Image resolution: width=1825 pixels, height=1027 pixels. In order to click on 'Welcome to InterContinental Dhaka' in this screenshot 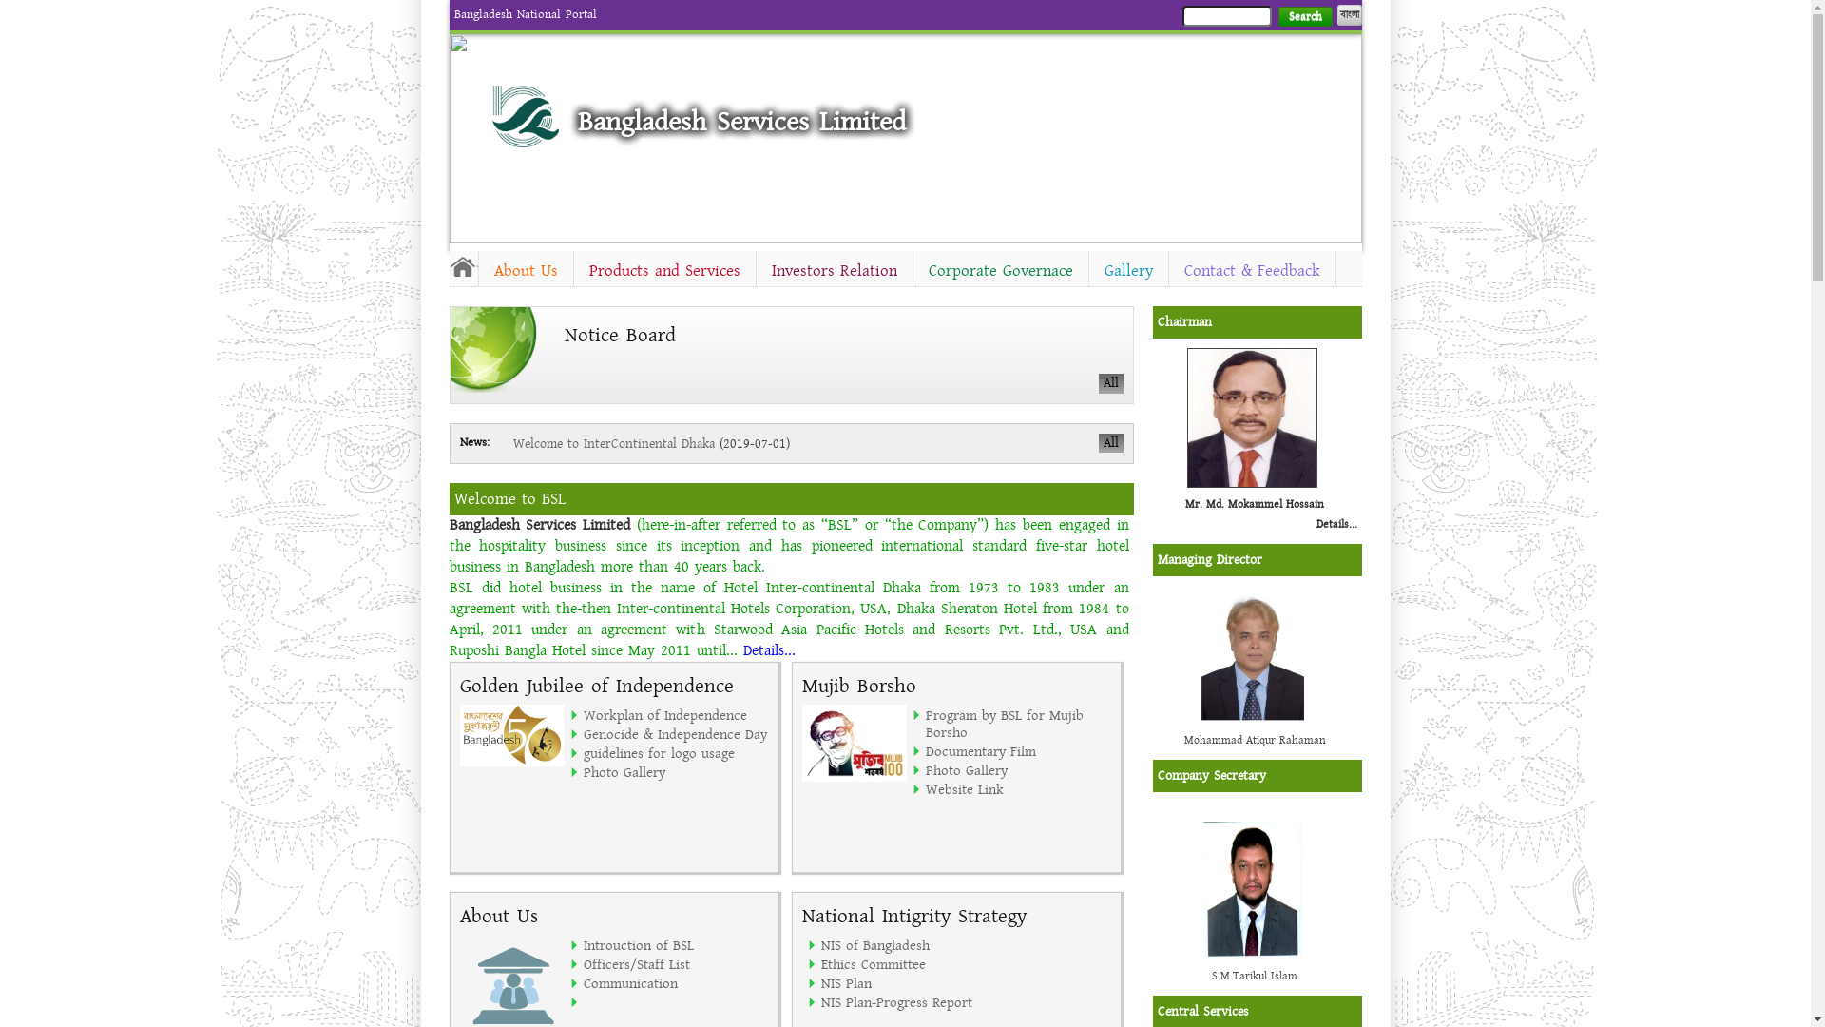, I will do `click(614, 443)`.